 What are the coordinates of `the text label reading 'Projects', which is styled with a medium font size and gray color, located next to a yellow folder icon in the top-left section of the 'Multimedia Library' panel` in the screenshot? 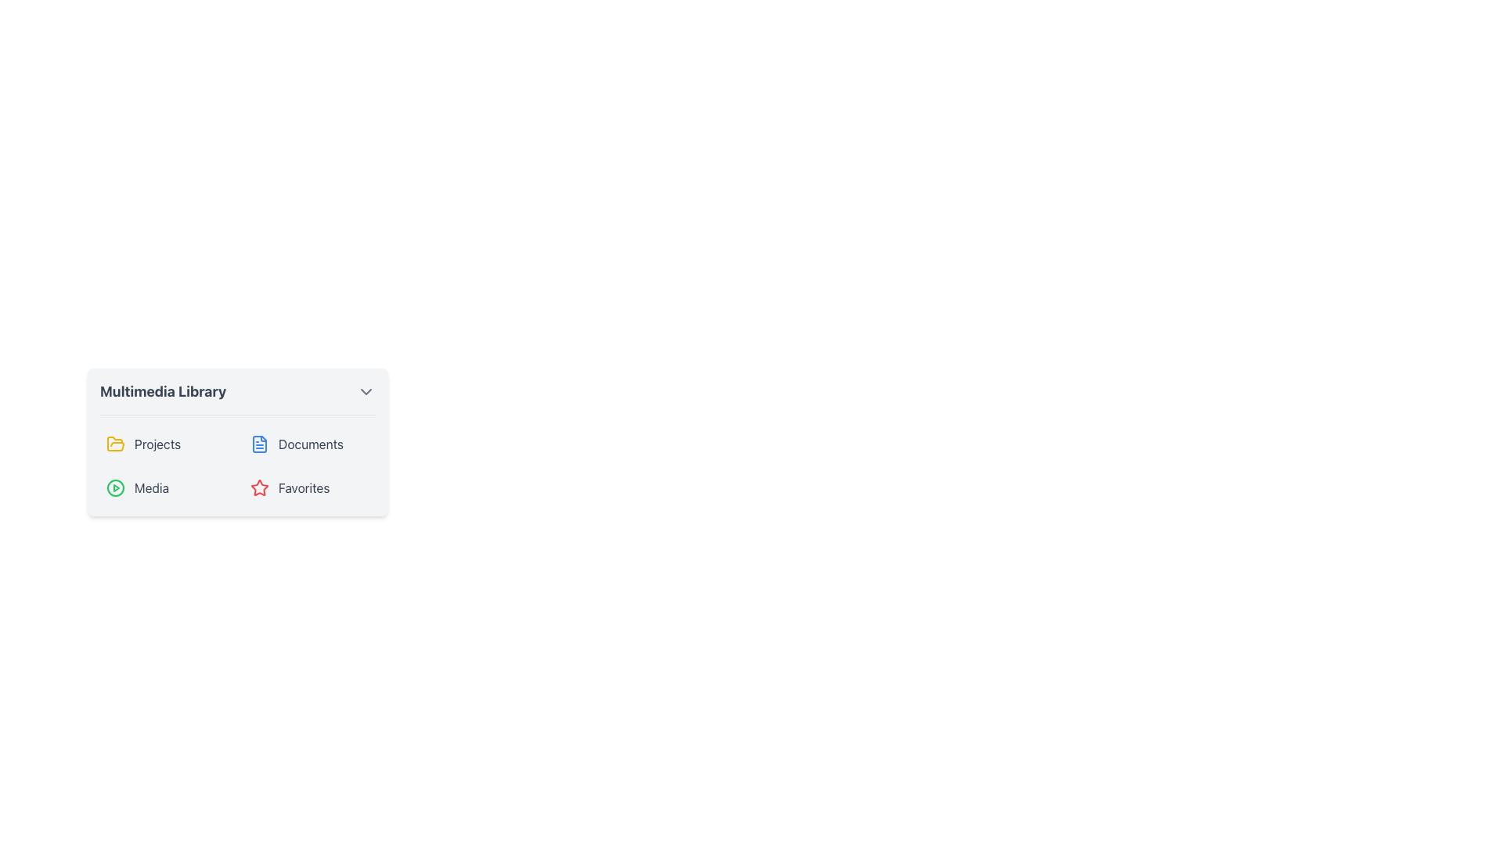 It's located at (157, 444).